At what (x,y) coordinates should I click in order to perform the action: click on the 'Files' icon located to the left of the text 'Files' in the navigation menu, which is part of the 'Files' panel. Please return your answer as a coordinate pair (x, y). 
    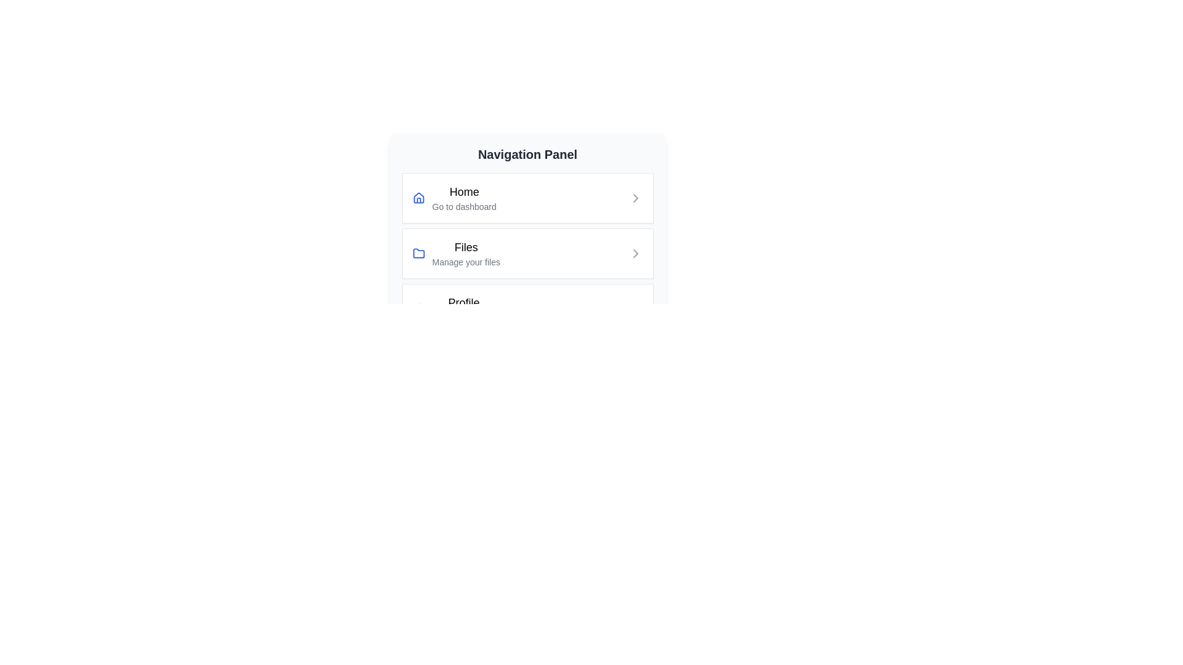
    Looking at the image, I should click on (418, 253).